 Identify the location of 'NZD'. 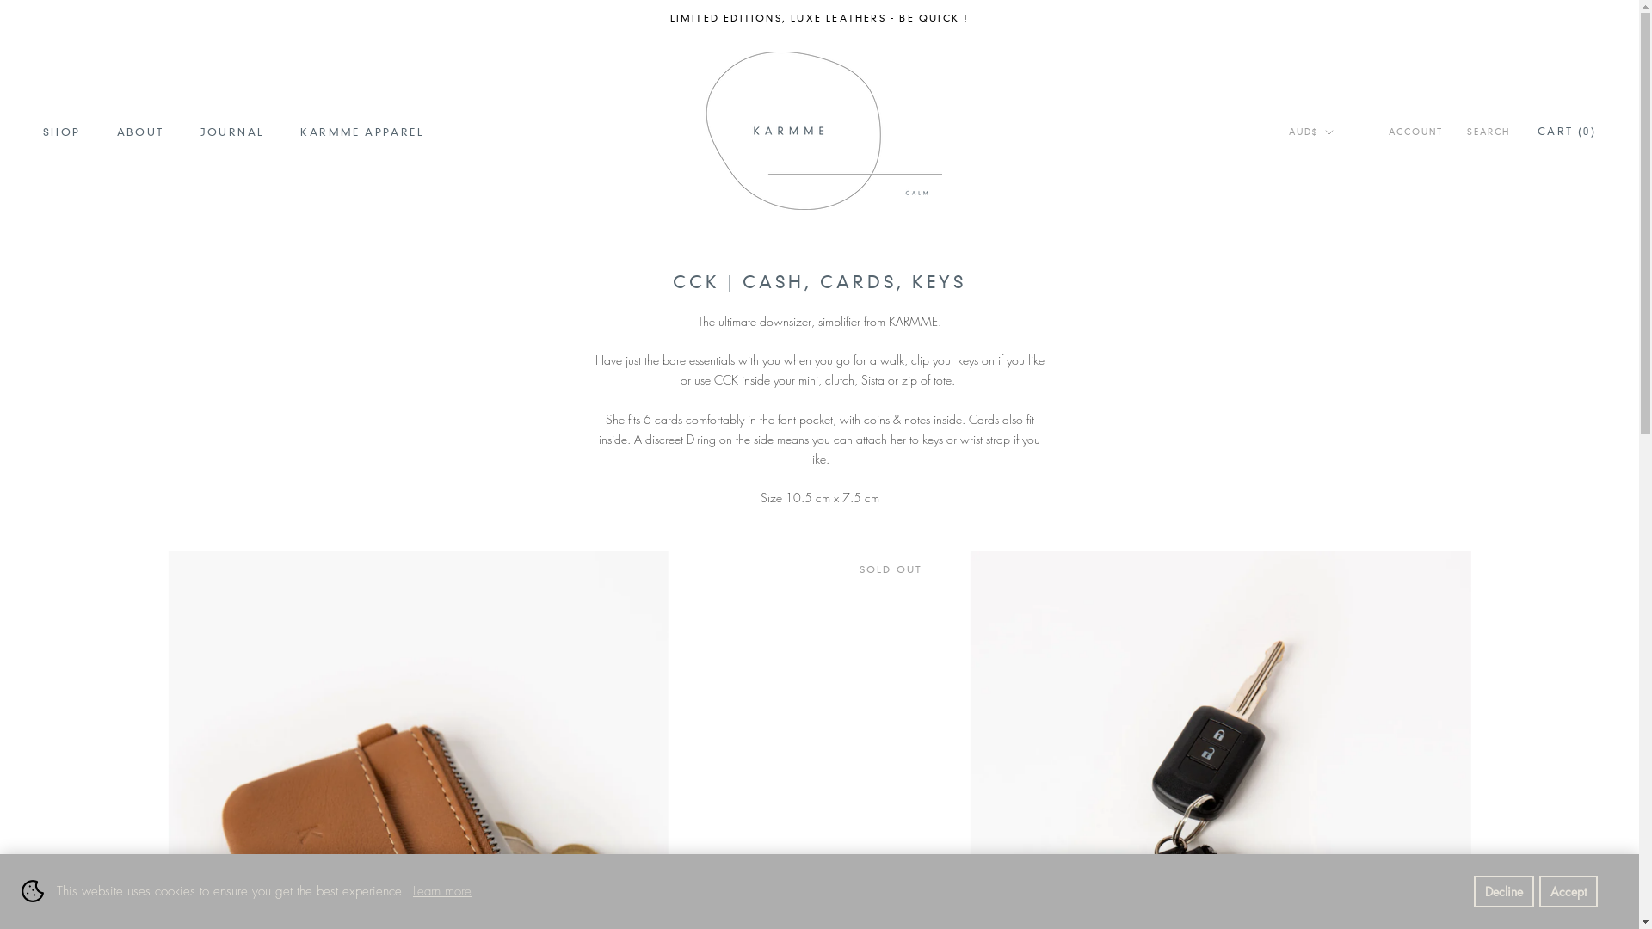
(1333, 212).